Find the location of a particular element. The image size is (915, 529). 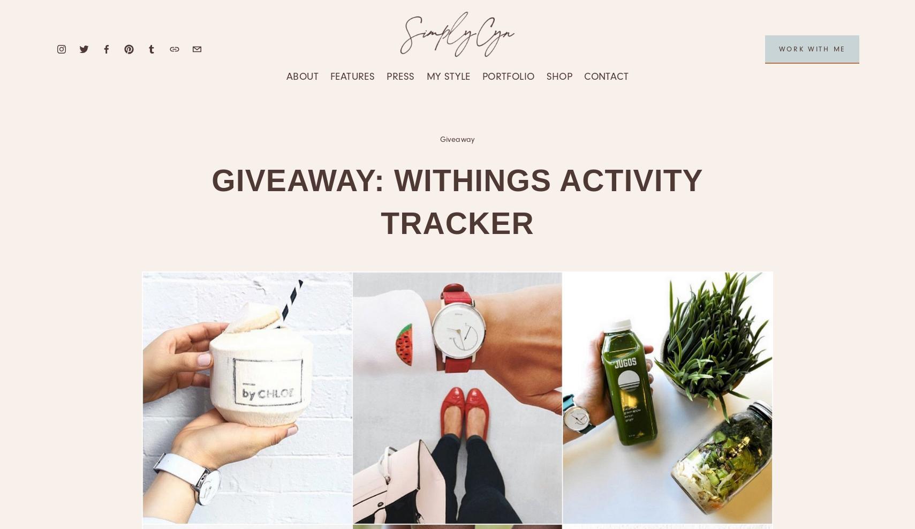

'Travel' is located at coordinates (346, 99).